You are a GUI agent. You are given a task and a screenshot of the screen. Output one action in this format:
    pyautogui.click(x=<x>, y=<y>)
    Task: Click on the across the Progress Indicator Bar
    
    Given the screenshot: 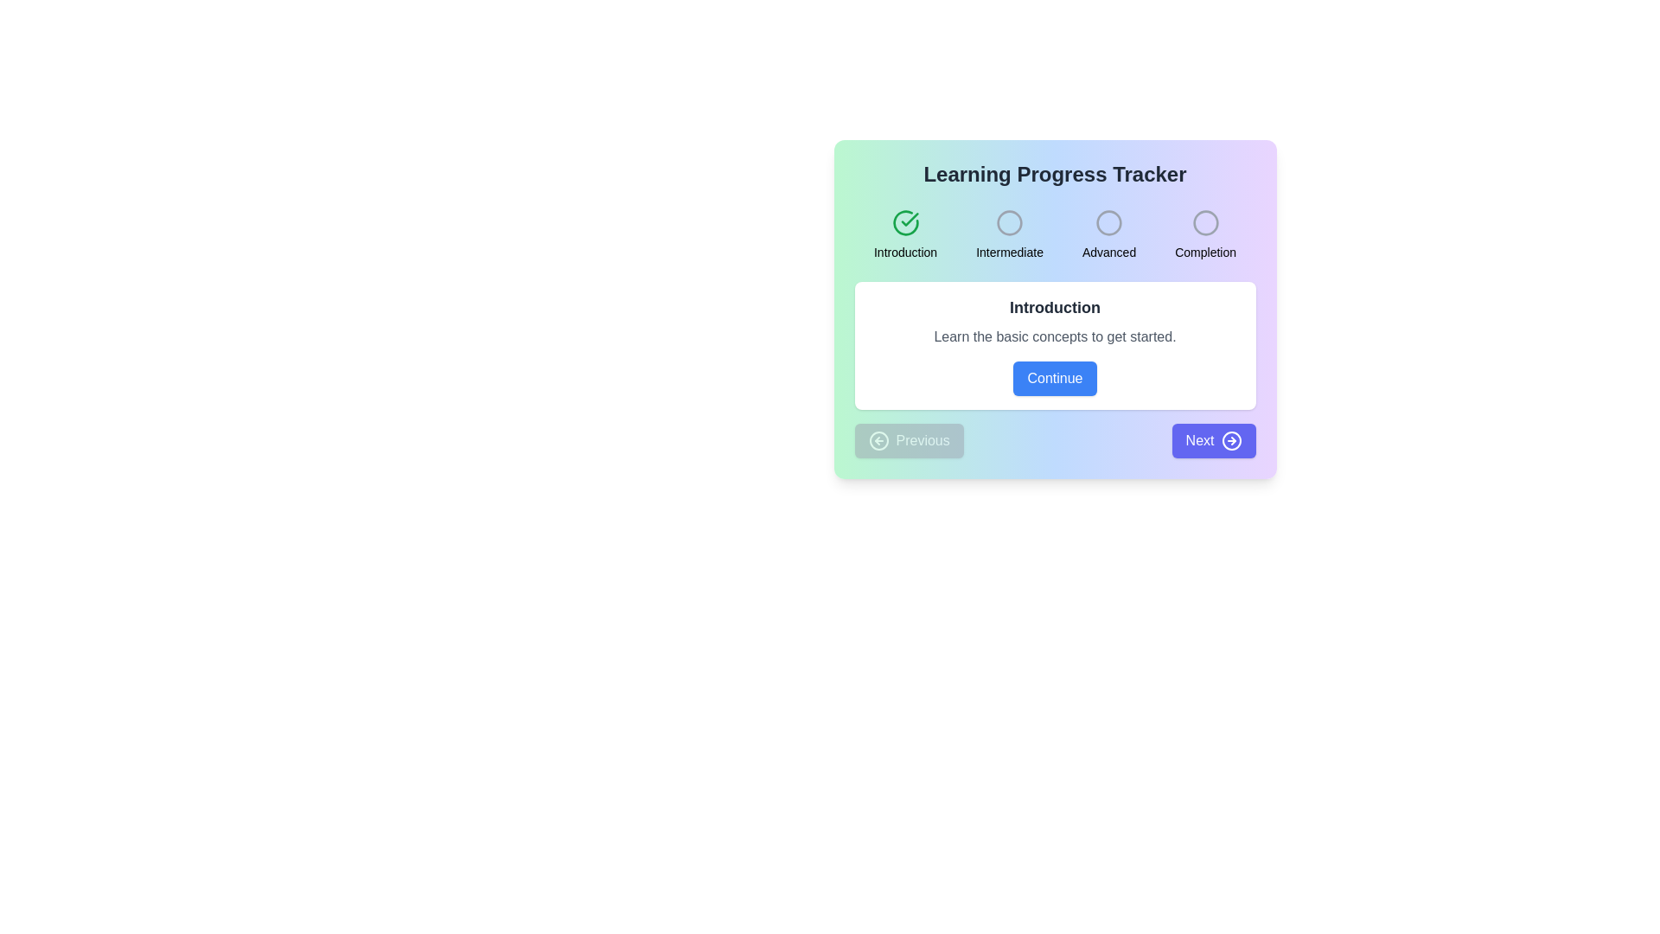 What is the action you would take?
    pyautogui.click(x=1054, y=235)
    